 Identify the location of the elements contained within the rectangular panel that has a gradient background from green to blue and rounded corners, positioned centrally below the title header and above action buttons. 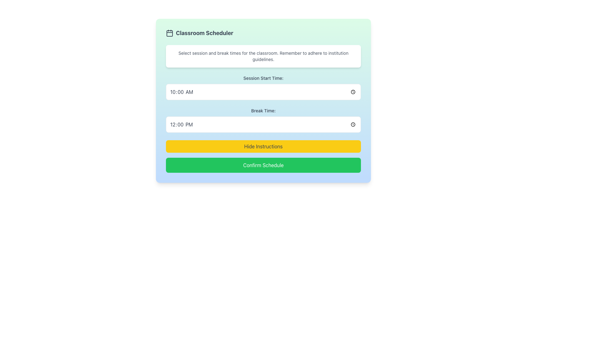
(263, 100).